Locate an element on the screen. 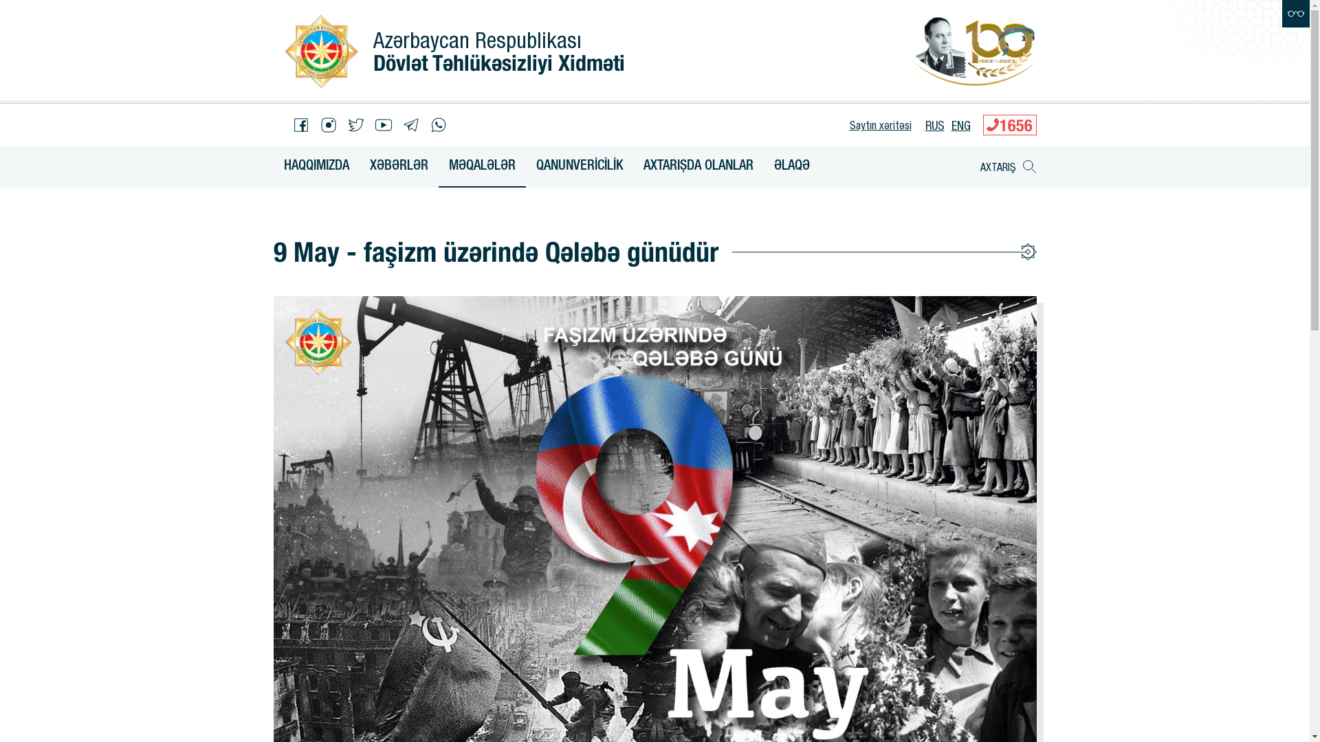  '1656' is located at coordinates (1009, 124).